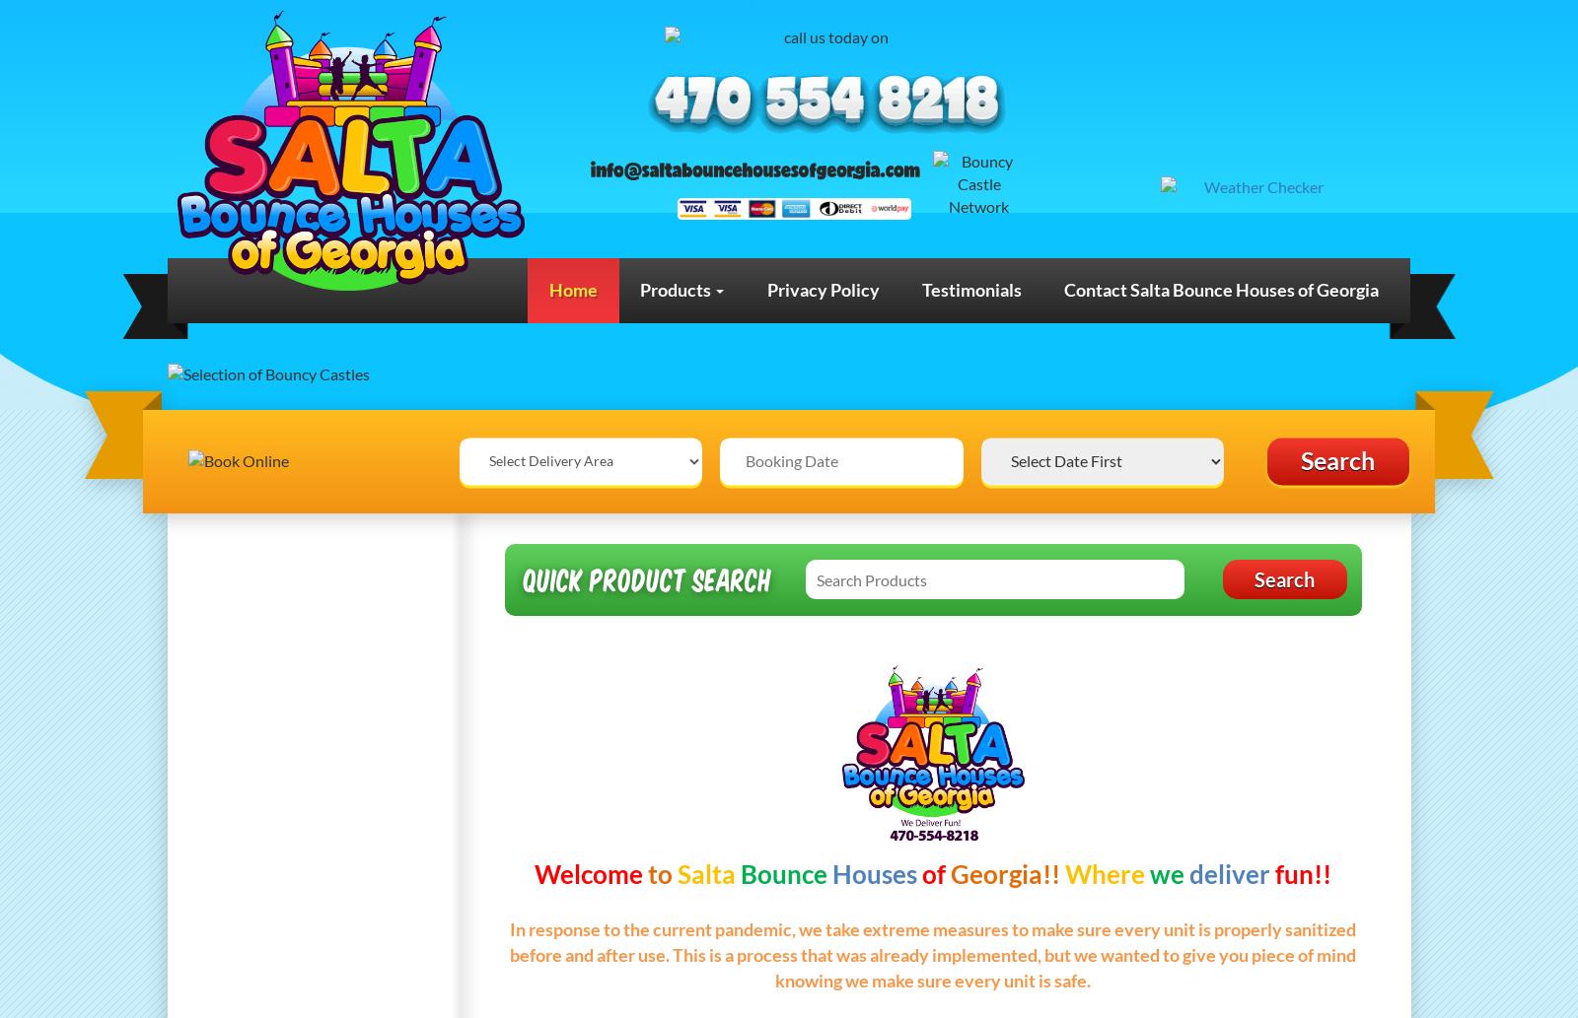 This screenshot has height=1018, width=1578. I want to click on 'Privacy Policy', so click(821, 287).